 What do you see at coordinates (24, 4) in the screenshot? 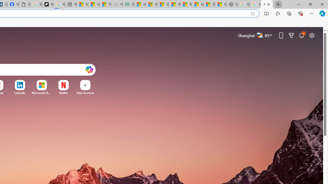
I see `'Google Analytics Opt-out Browser Add-on Download Page'` at bounding box center [24, 4].